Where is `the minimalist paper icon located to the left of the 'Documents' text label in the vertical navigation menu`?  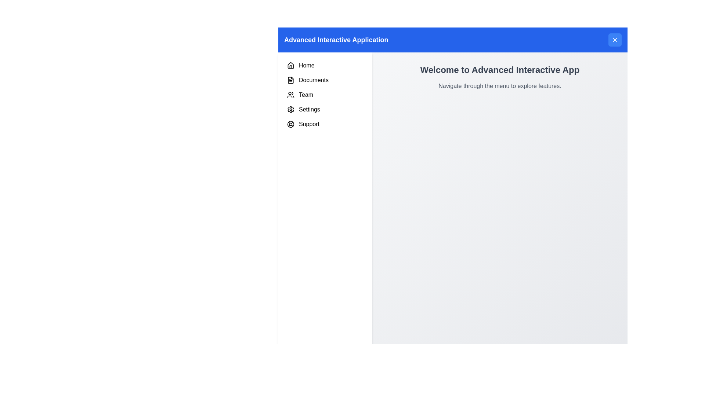 the minimalist paper icon located to the left of the 'Documents' text label in the vertical navigation menu is located at coordinates (290, 80).